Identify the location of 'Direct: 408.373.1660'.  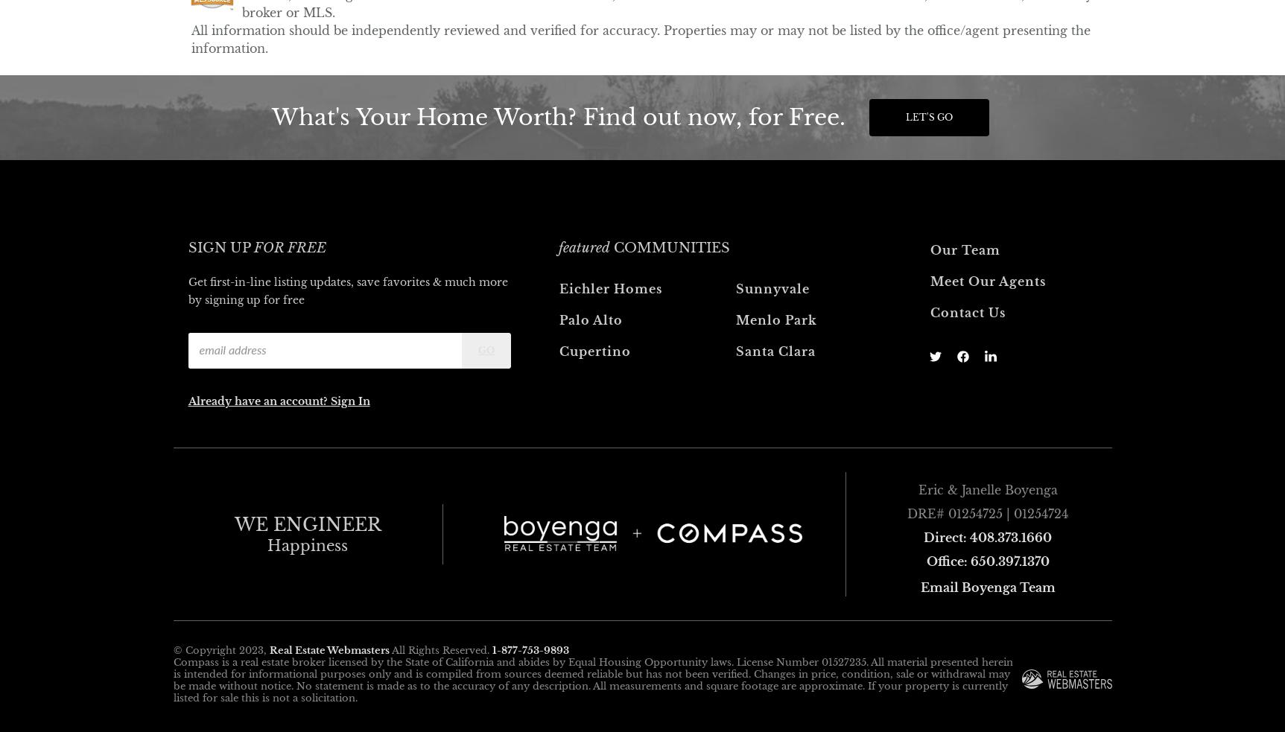
(988, 537).